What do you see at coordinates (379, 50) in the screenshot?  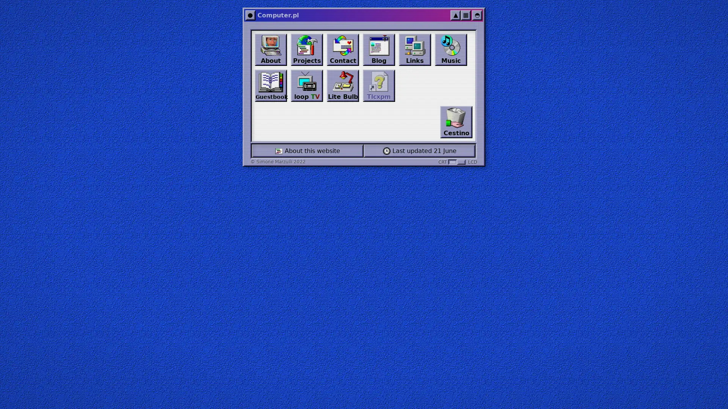 I see `blog Blog` at bounding box center [379, 50].